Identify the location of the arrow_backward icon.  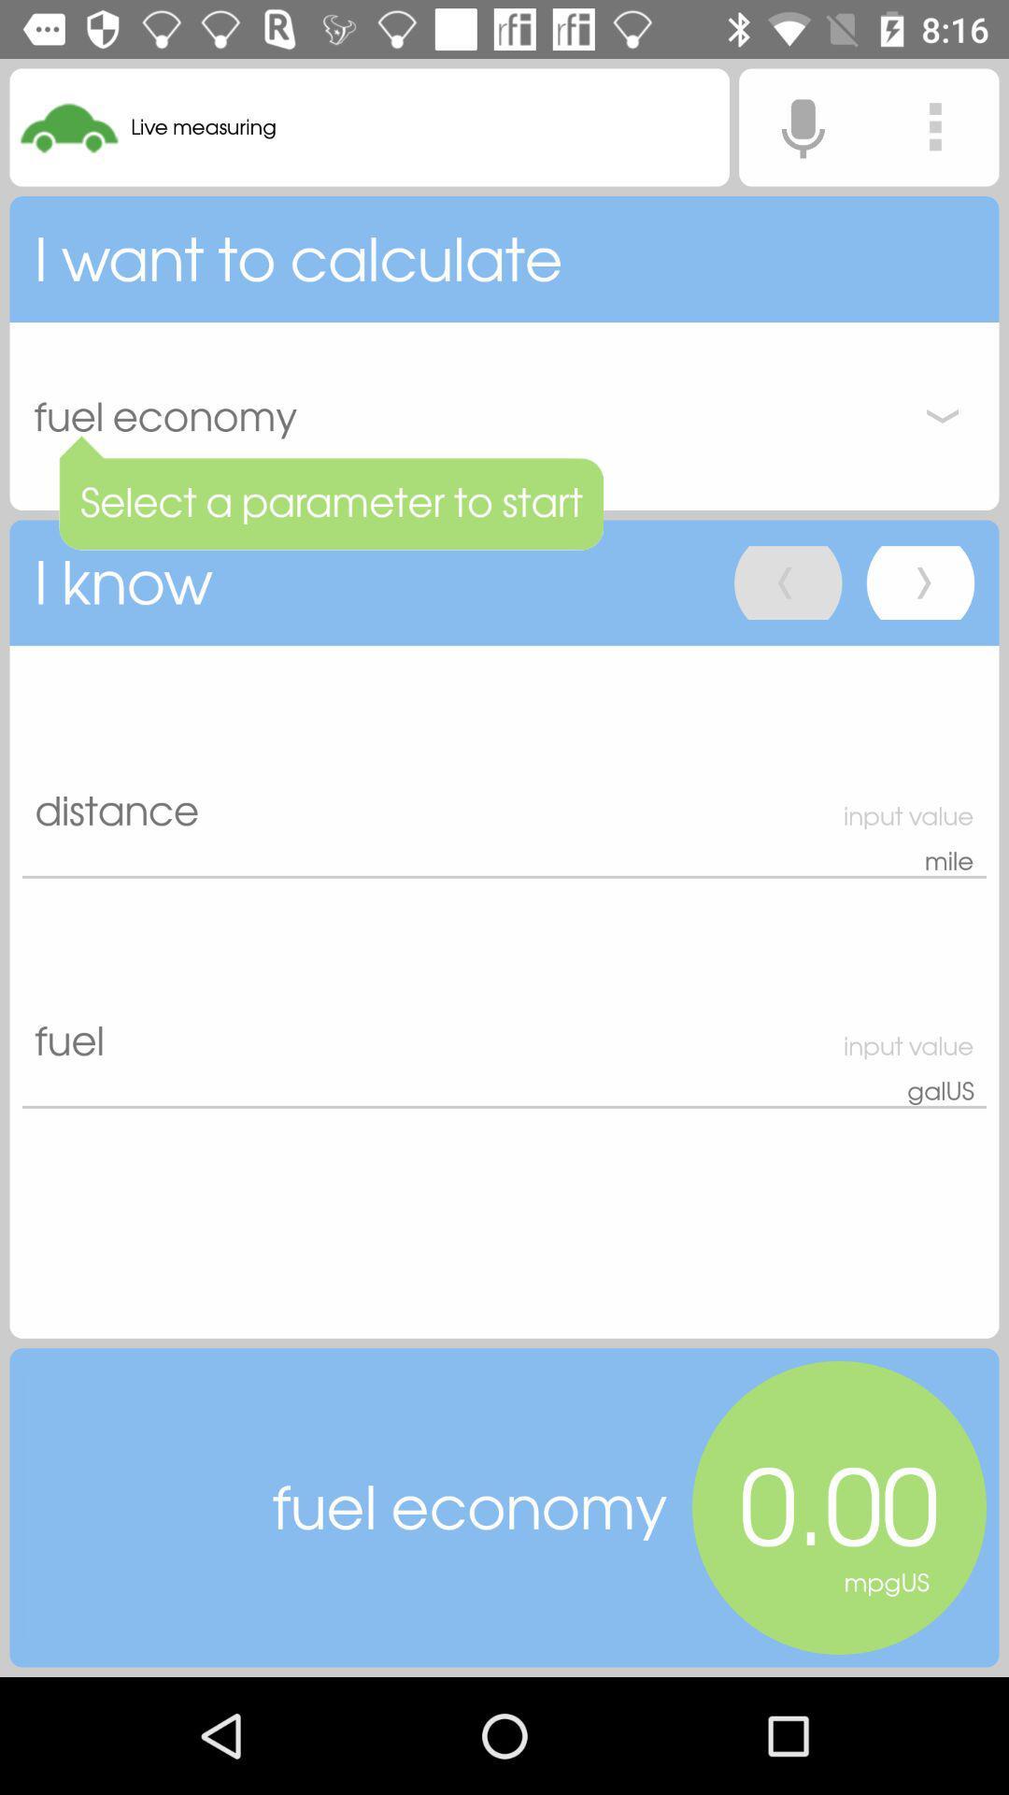
(788, 582).